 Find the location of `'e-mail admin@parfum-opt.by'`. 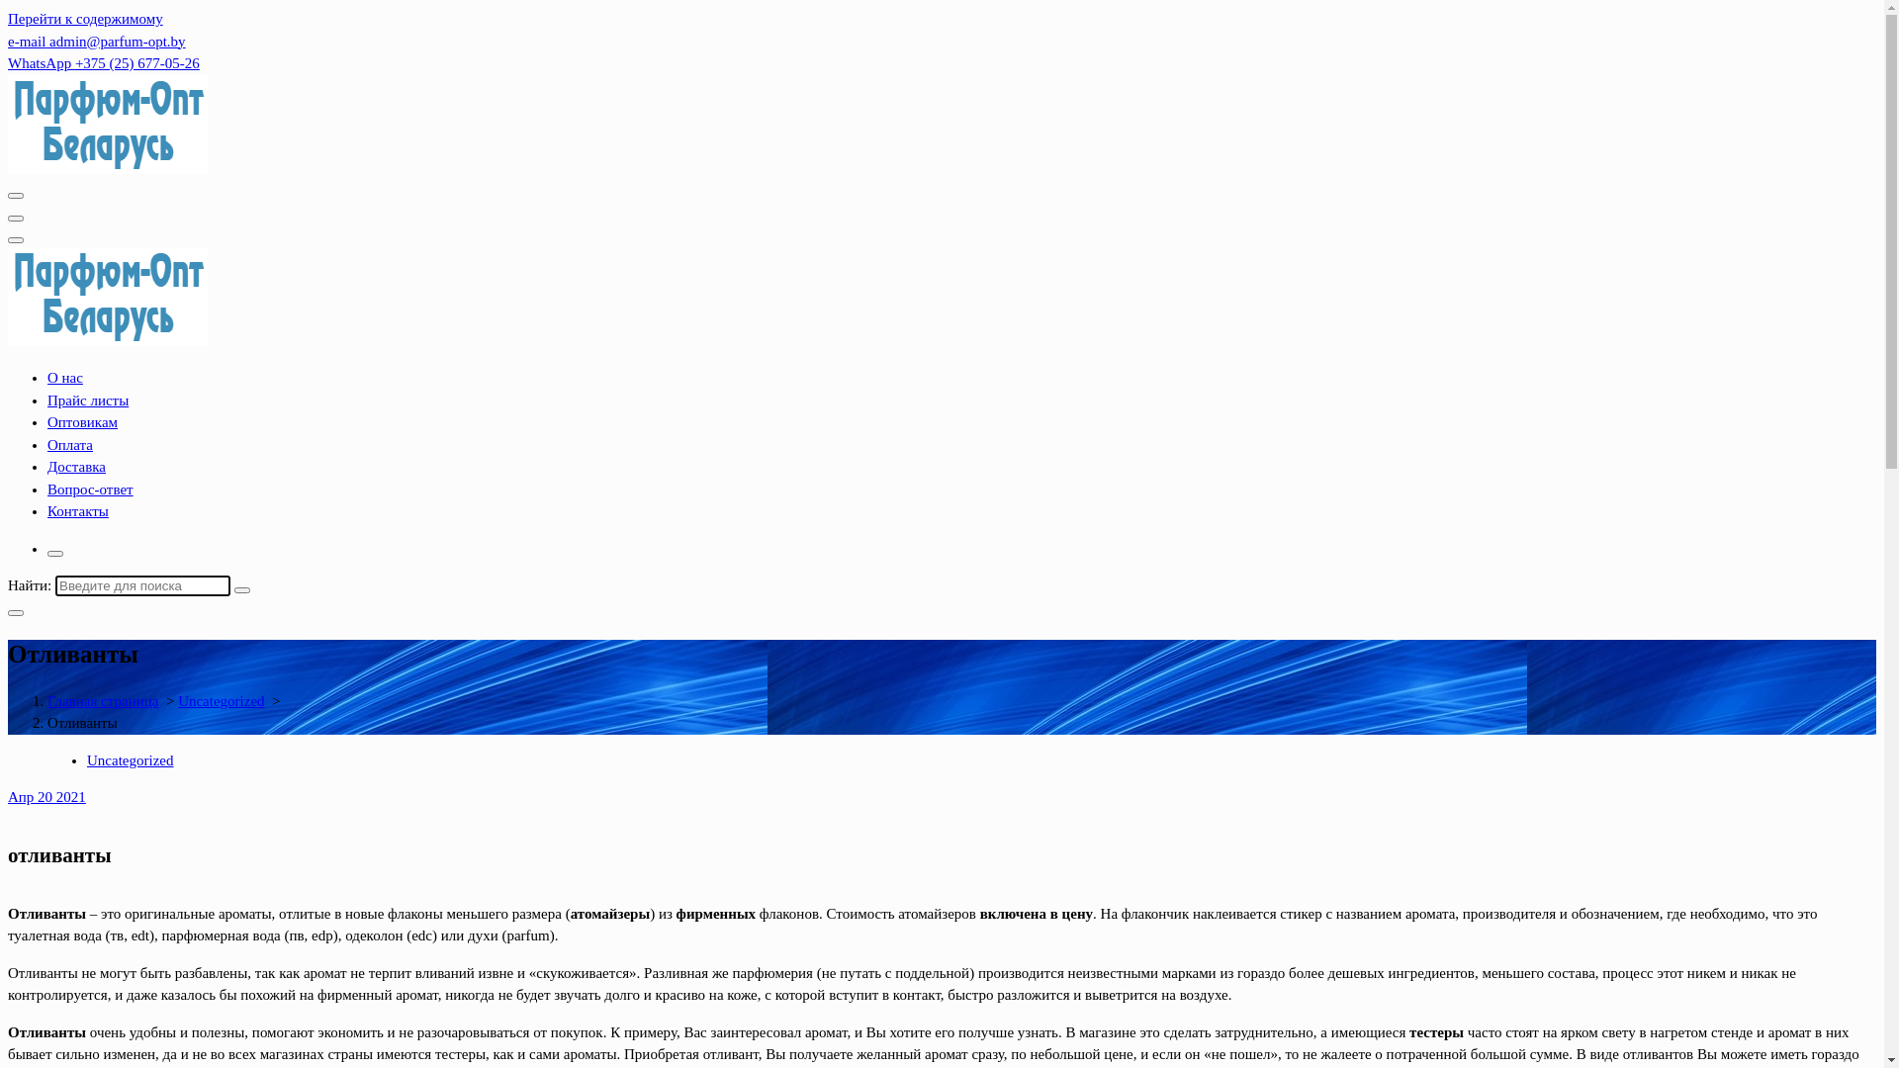

'e-mail admin@parfum-opt.by' is located at coordinates (8, 42).